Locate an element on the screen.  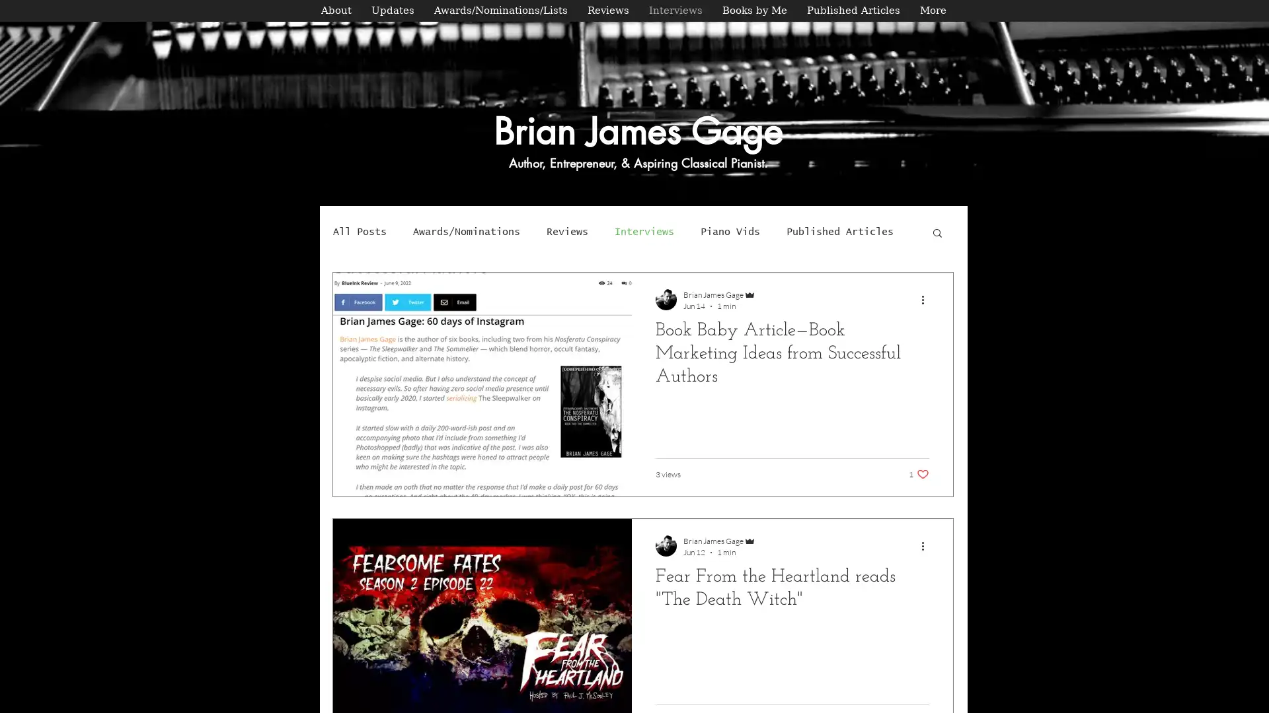
All Posts is located at coordinates (360, 231).